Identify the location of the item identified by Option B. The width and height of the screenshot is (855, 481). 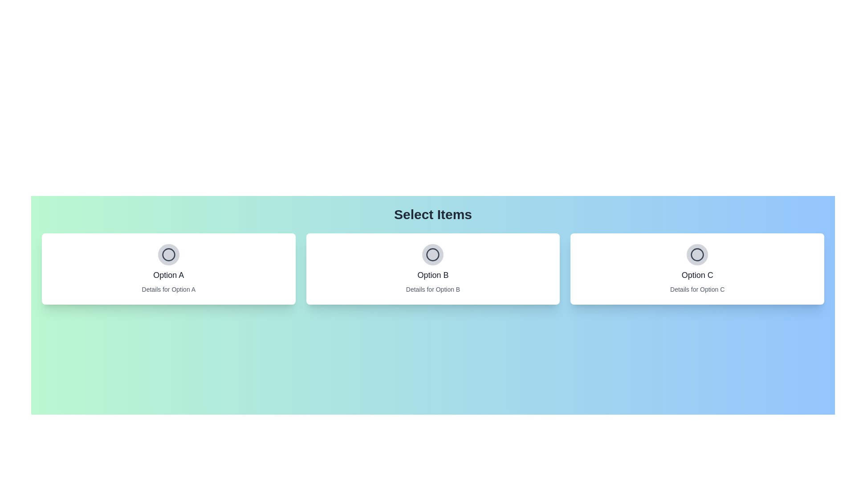
(432, 254).